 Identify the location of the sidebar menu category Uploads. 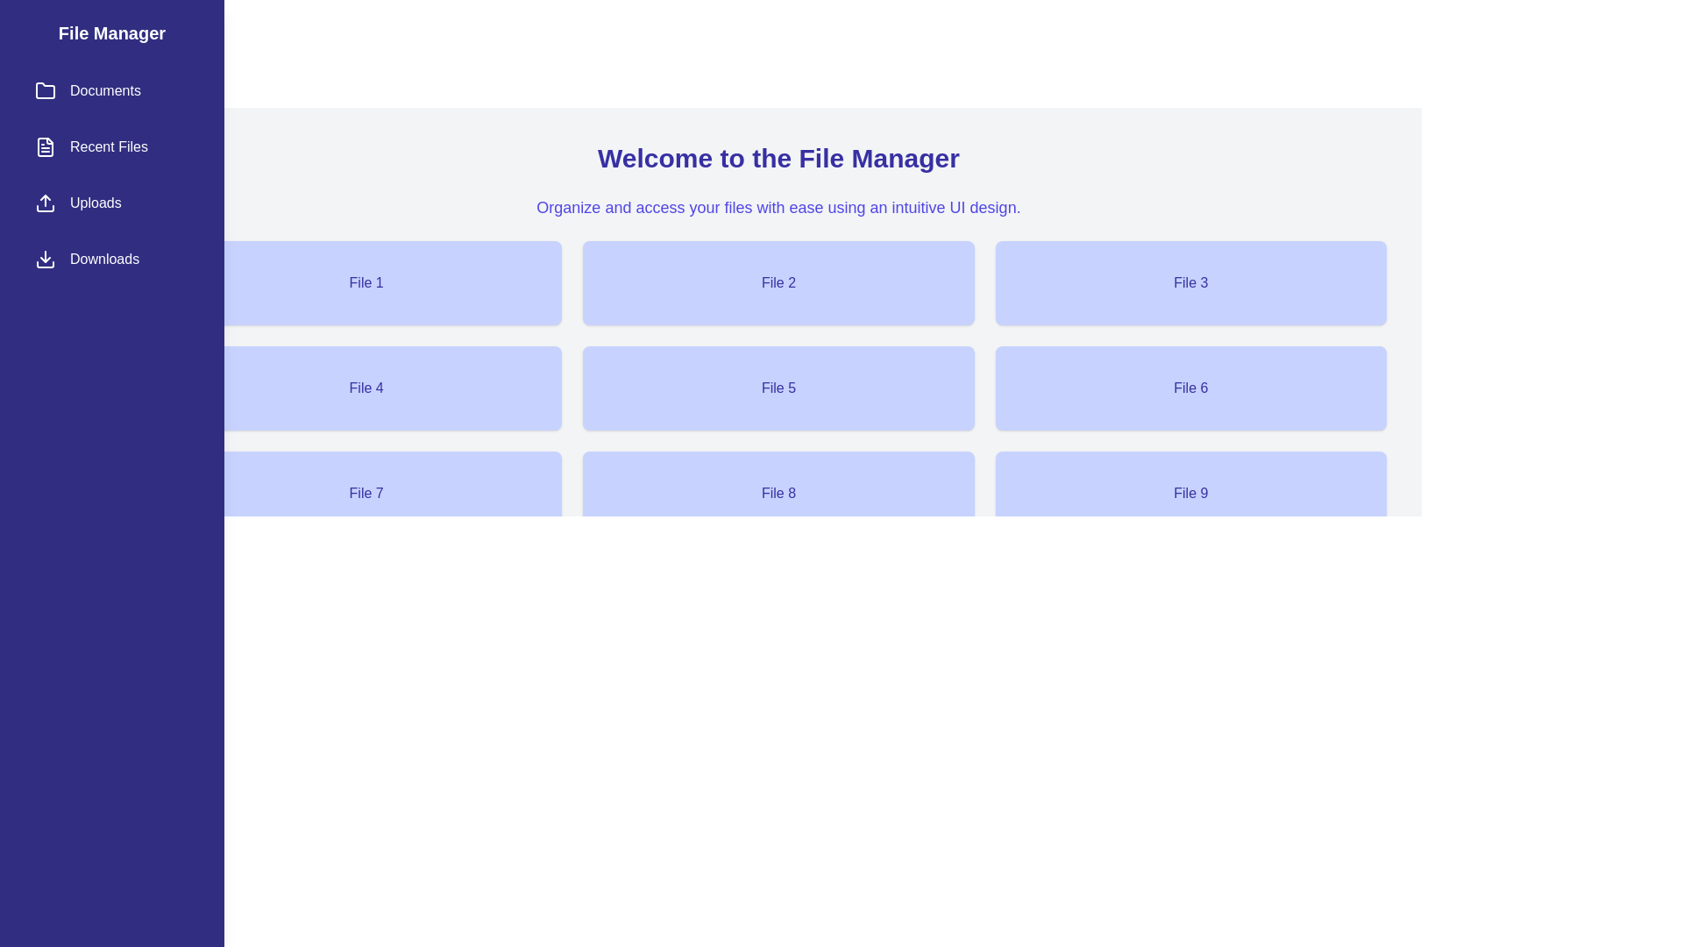
(111, 202).